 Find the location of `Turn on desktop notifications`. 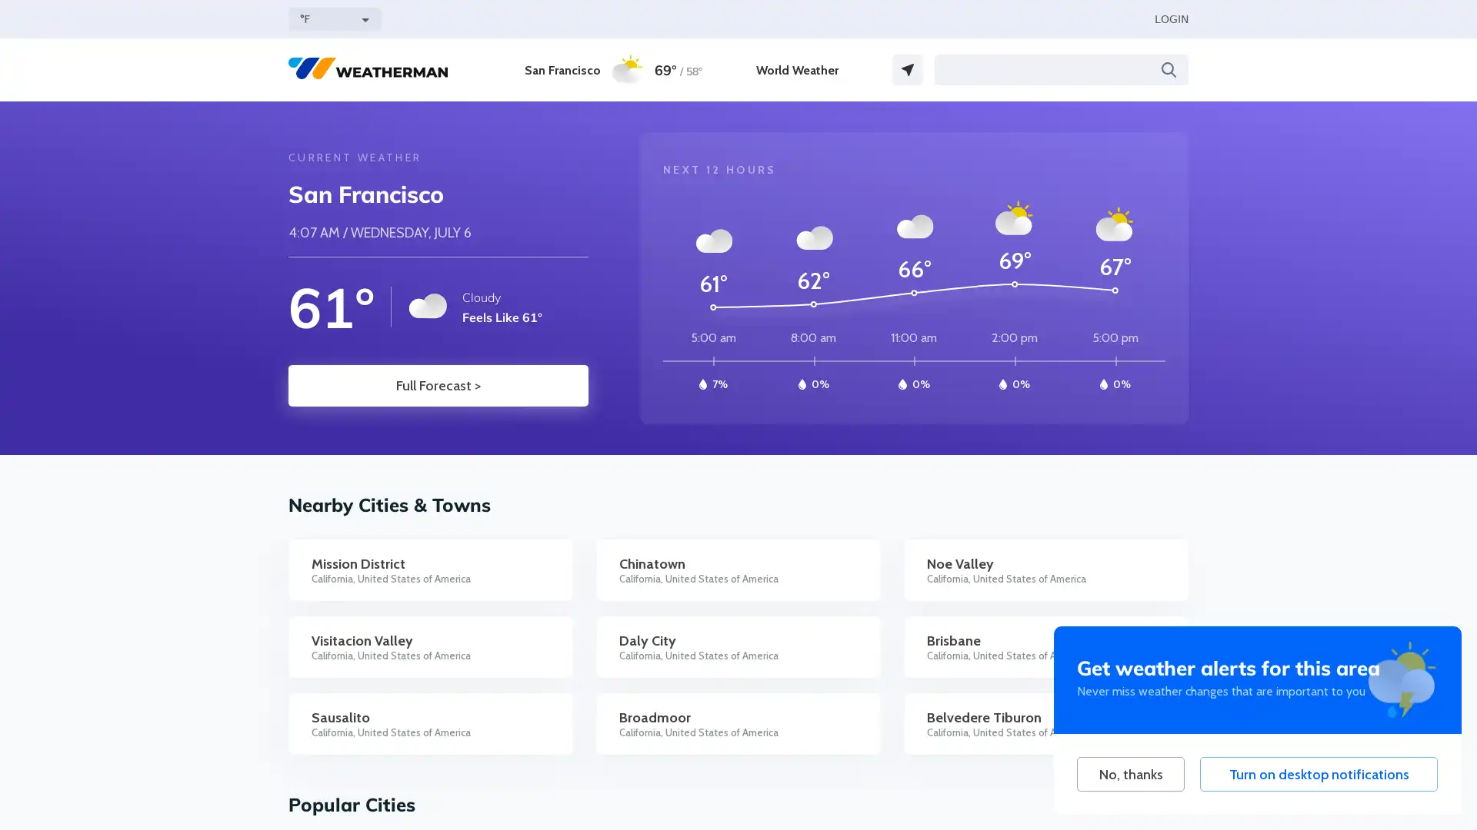

Turn on desktop notifications is located at coordinates (1318, 774).